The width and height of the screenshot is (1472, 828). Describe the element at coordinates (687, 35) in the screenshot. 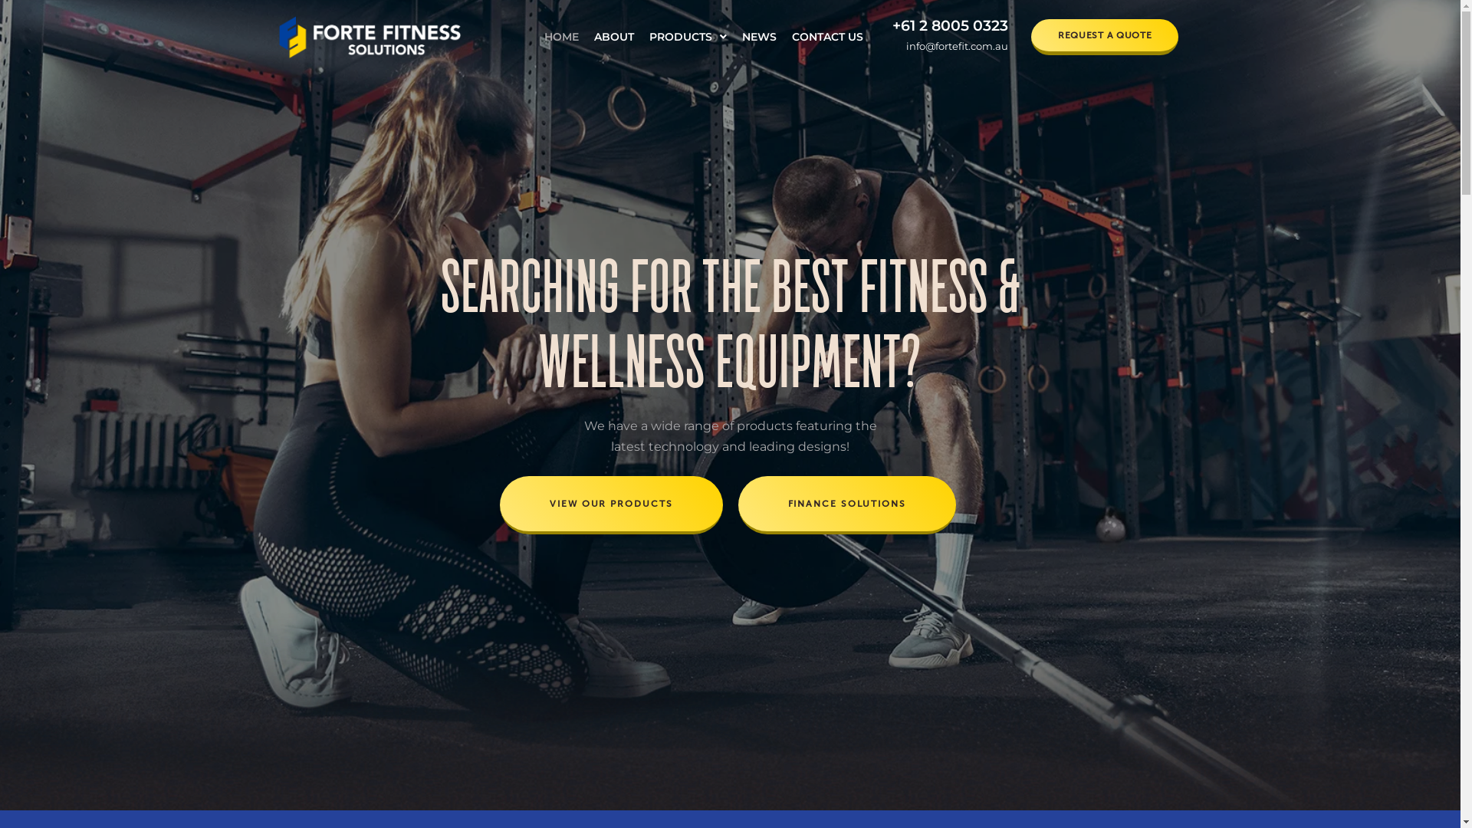

I see `'PRODUCTS'` at that location.